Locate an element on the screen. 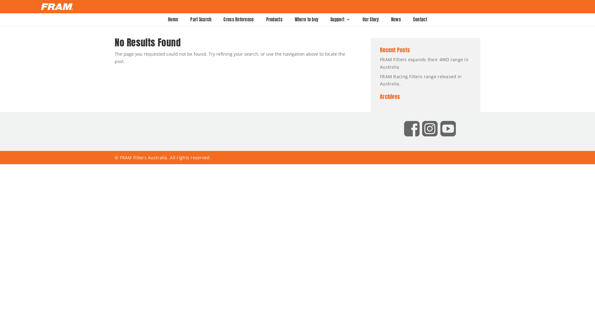 This screenshot has height=334, width=595. 'FRAM Racing Filters range released in Australia.' is located at coordinates (421, 80).